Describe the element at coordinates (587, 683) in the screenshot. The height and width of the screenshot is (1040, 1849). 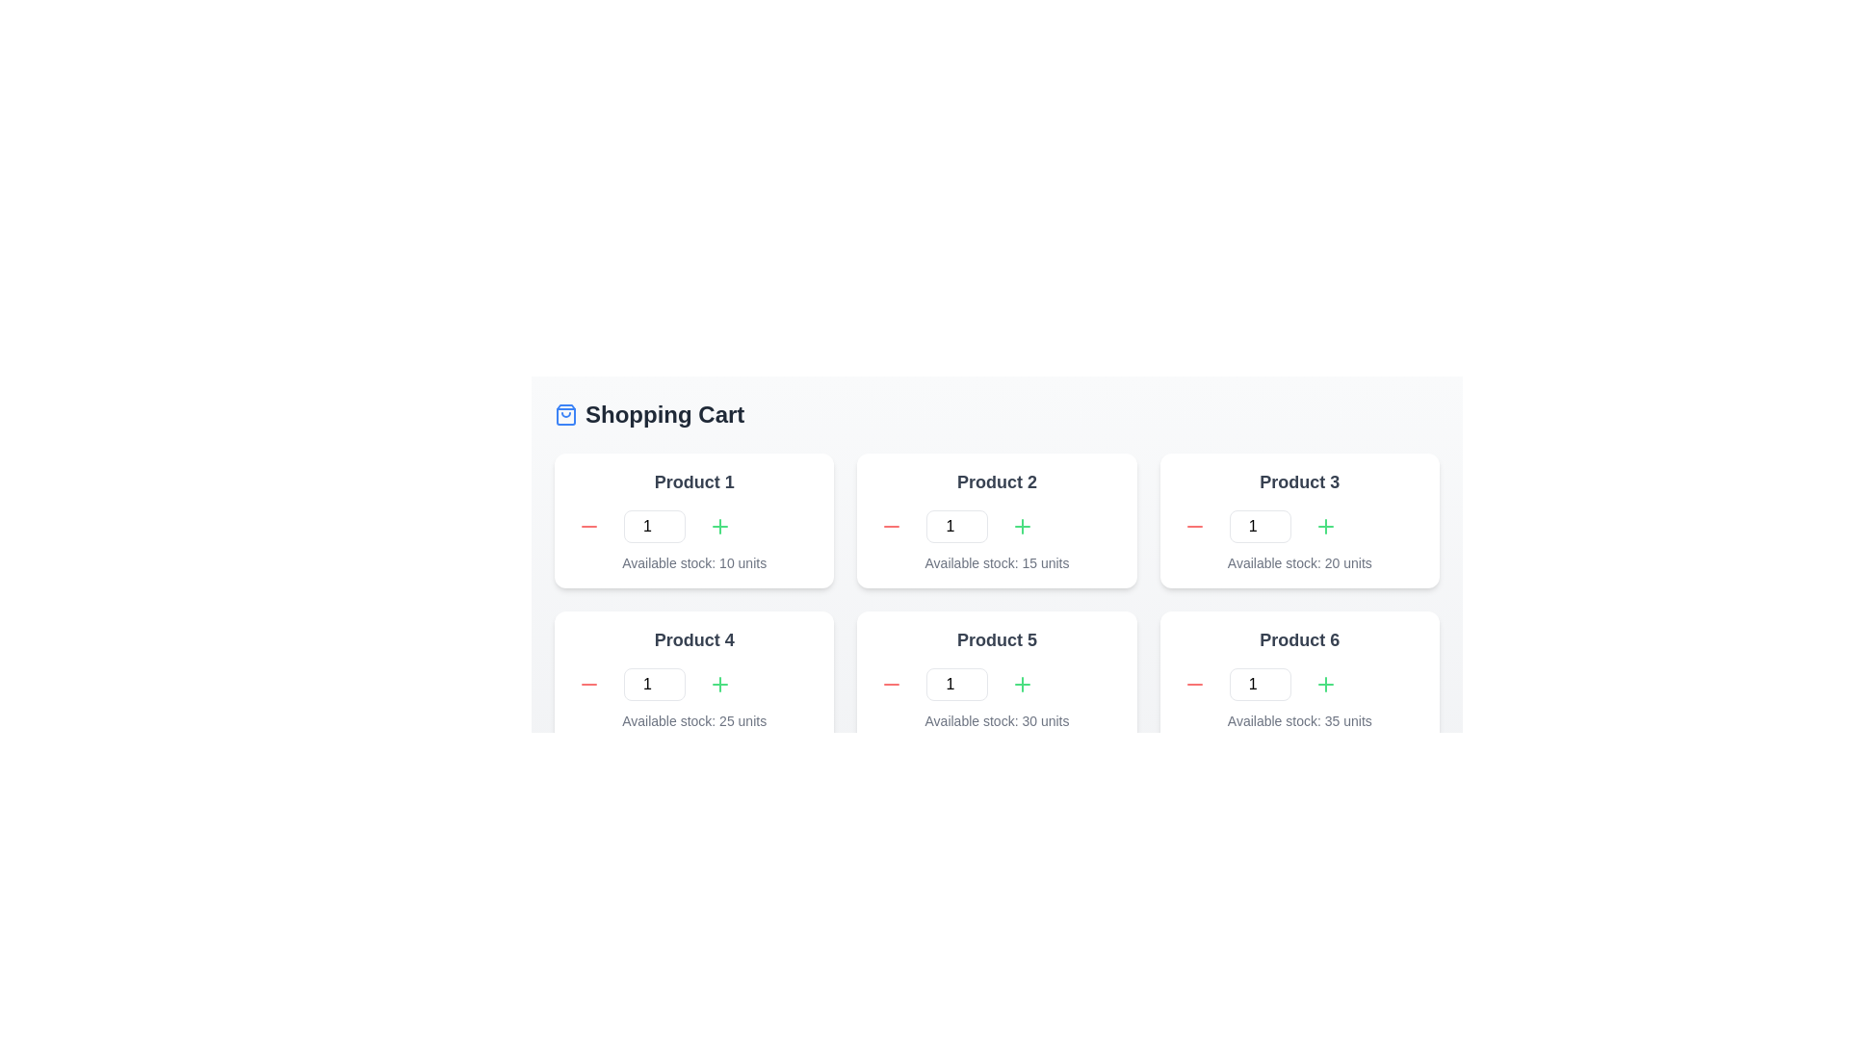
I see `the minus button for 'Product 4' to reduce its quantity by one` at that location.